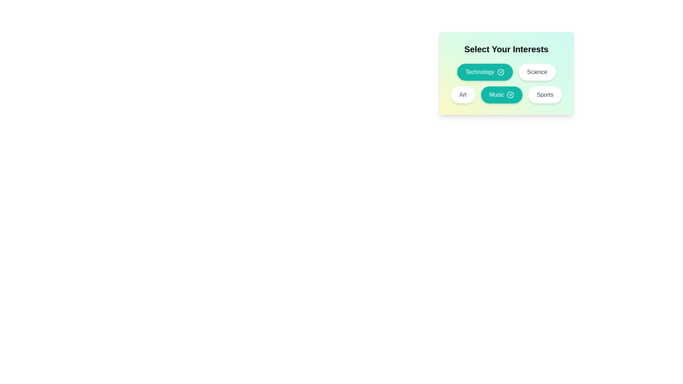 Image resolution: width=683 pixels, height=384 pixels. What do you see at coordinates (485, 72) in the screenshot?
I see `the interest tag labeled Technology` at bounding box center [485, 72].